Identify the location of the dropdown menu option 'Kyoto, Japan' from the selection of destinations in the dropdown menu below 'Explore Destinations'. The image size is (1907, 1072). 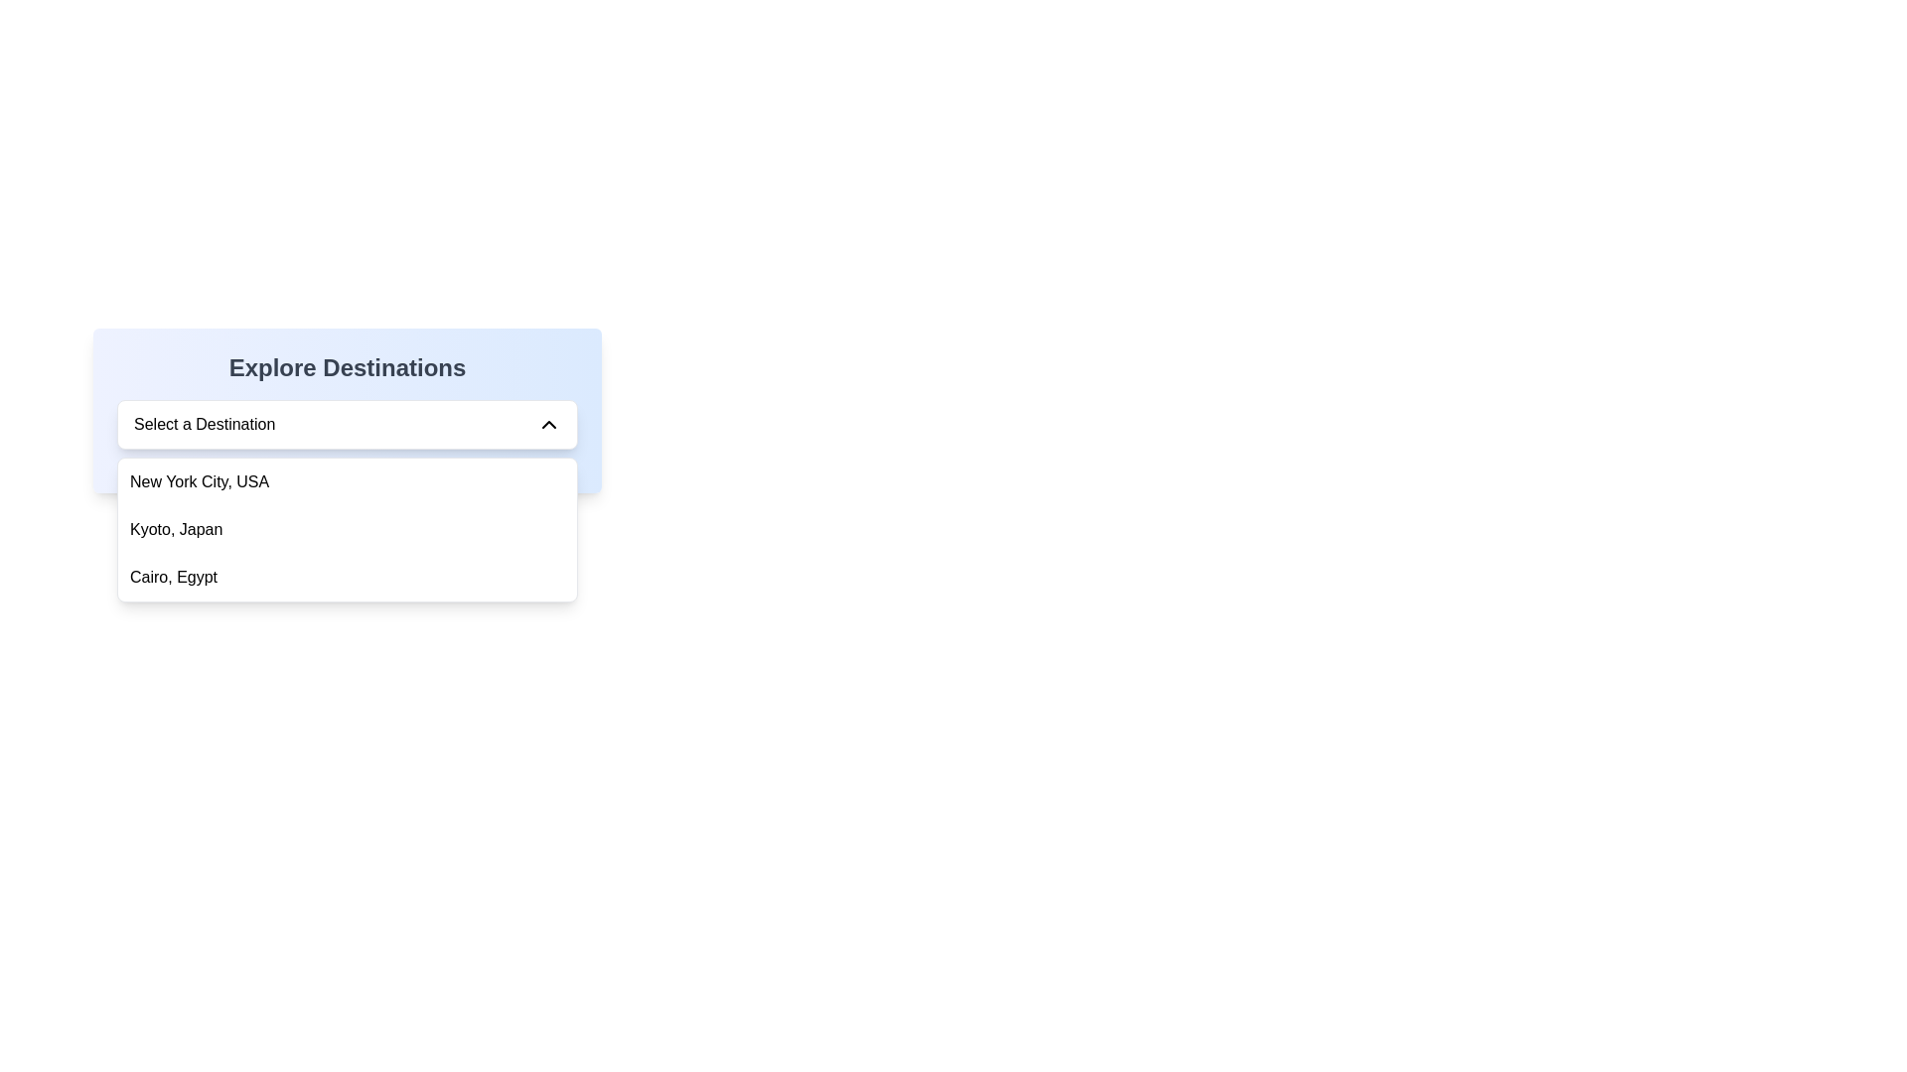
(348, 528).